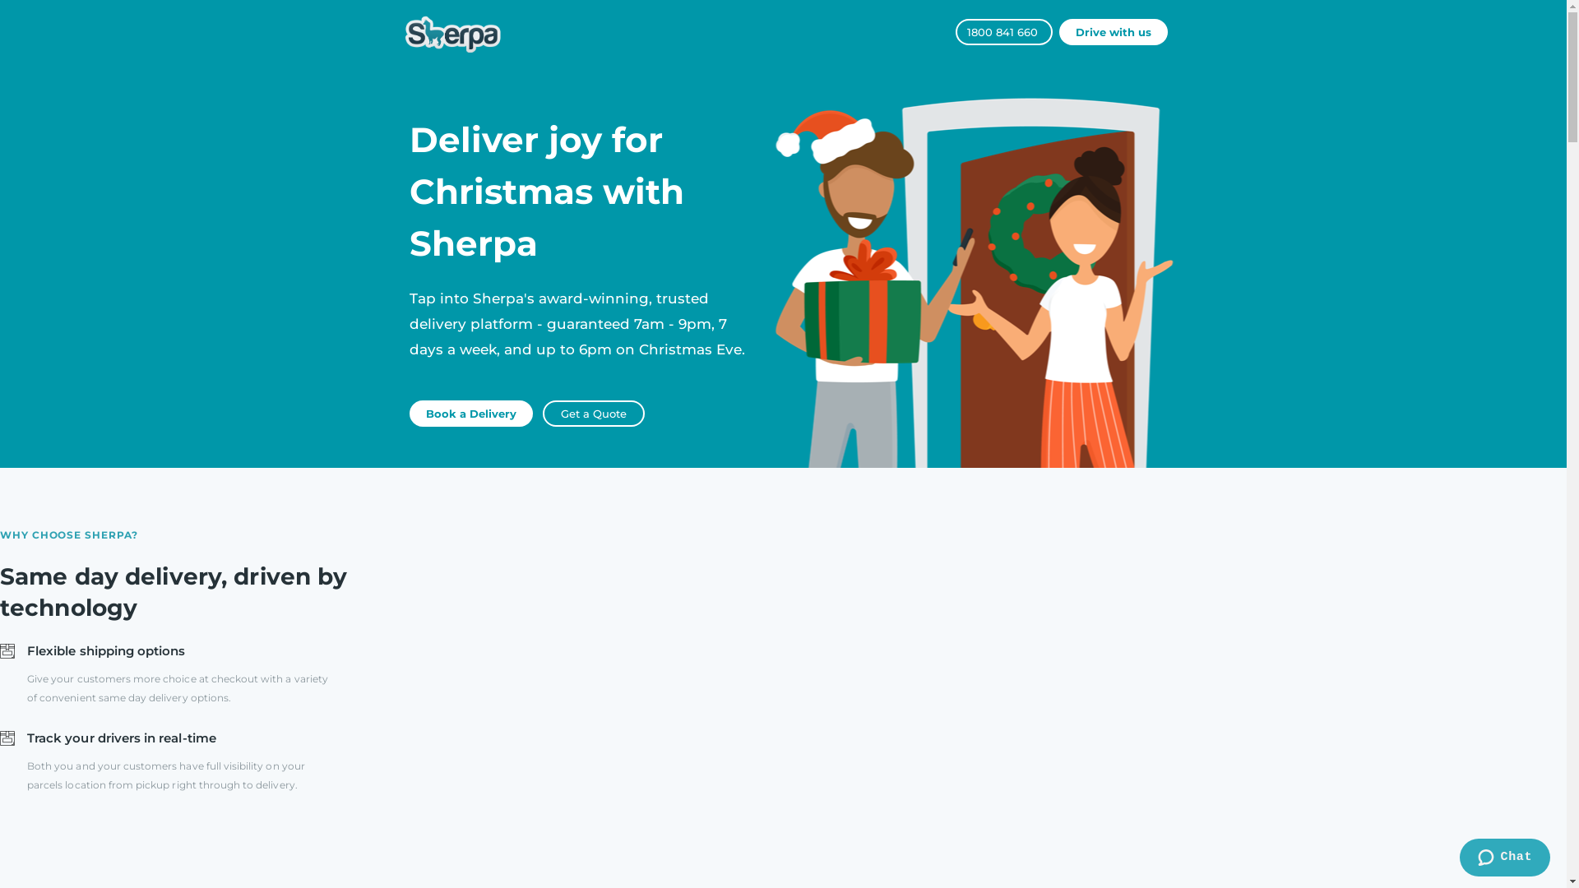 The width and height of the screenshot is (1579, 888). Describe the element at coordinates (1113, 31) in the screenshot. I see `'Drive with us'` at that location.